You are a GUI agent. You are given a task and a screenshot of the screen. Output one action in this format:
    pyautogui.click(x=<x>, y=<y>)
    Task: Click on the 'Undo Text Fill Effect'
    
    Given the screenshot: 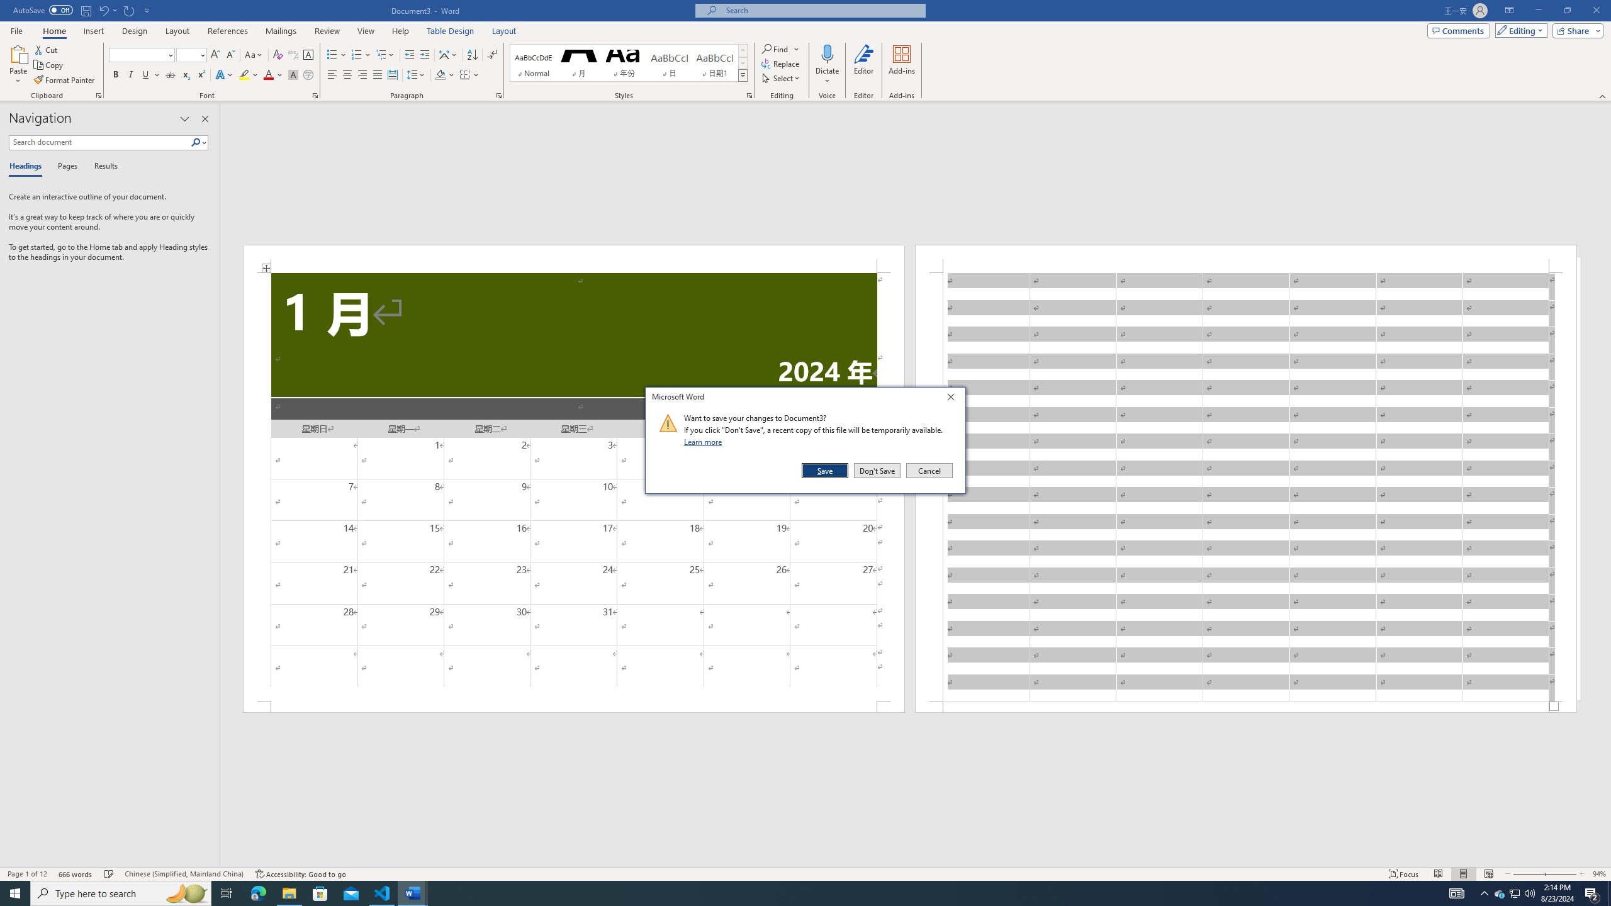 What is the action you would take?
    pyautogui.click(x=103, y=9)
    